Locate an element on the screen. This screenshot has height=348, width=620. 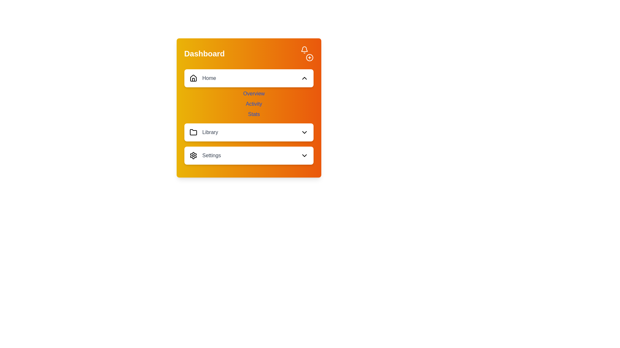
the gear icon representing settings, located in the bottom-most section of the Dashboard is located at coordinates (193, 155).